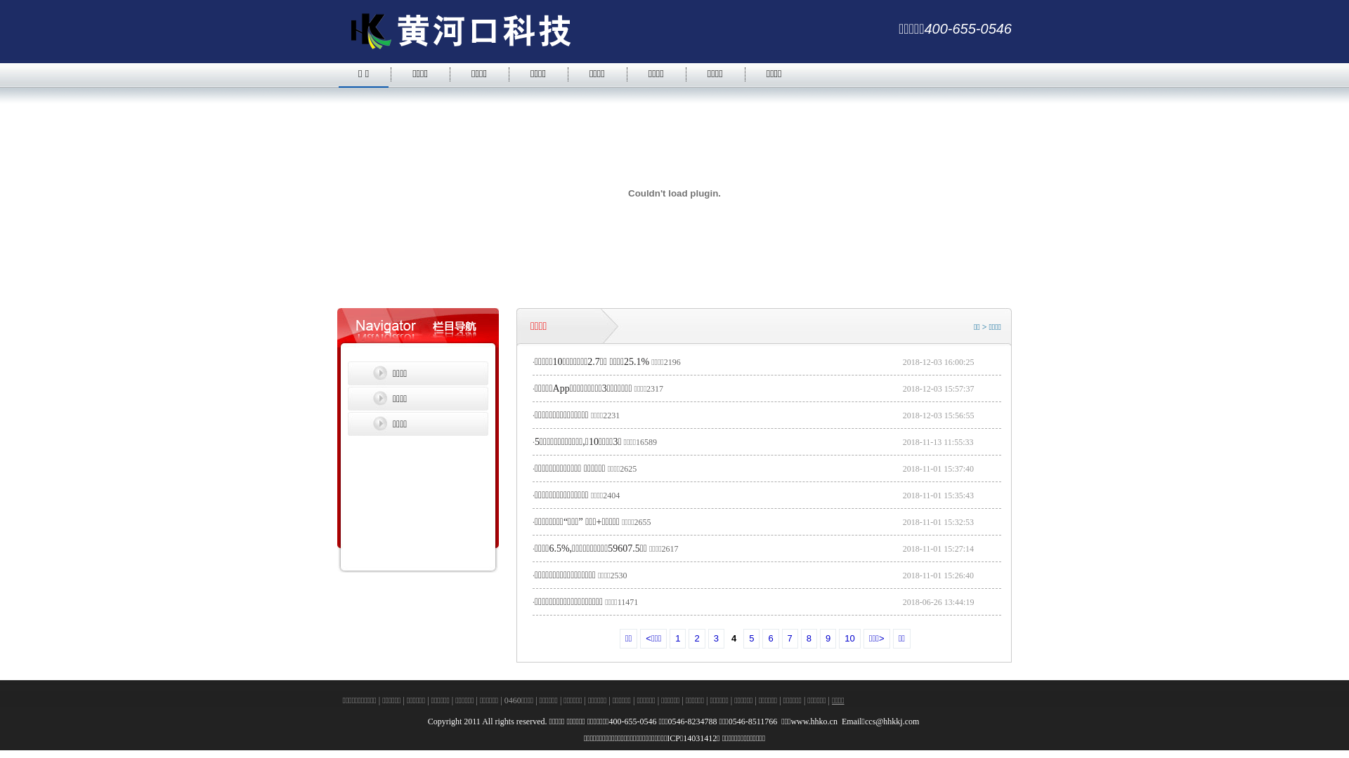 This screenshot has width=1349, height=758. Describe the element at coordinates (716, 639) in the screenshot. I see `'3'` at that location.